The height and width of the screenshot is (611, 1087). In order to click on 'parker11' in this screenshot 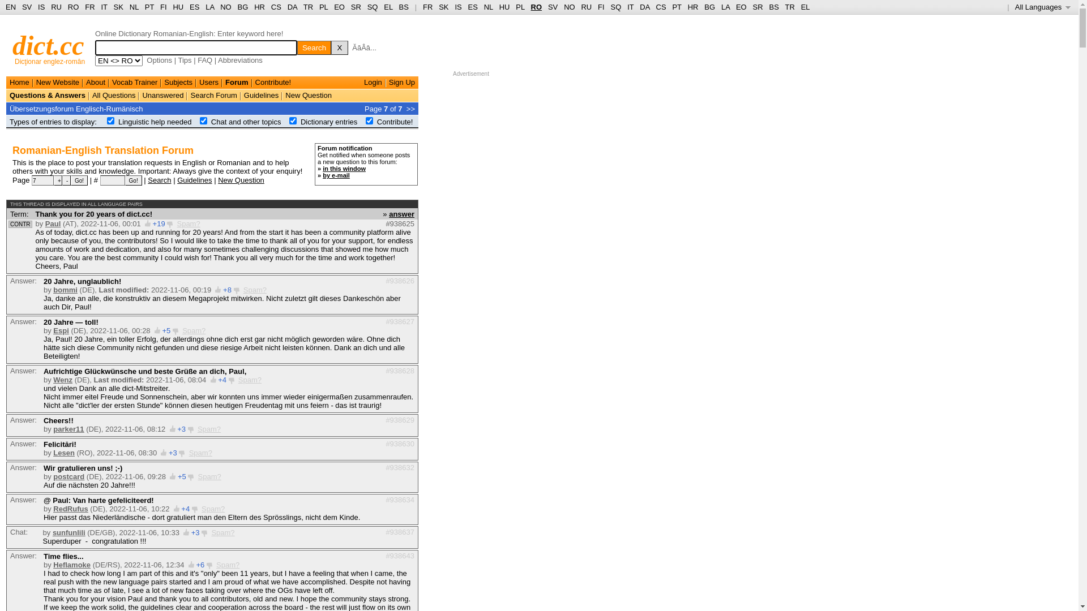, I will do `click(53, 429)`.